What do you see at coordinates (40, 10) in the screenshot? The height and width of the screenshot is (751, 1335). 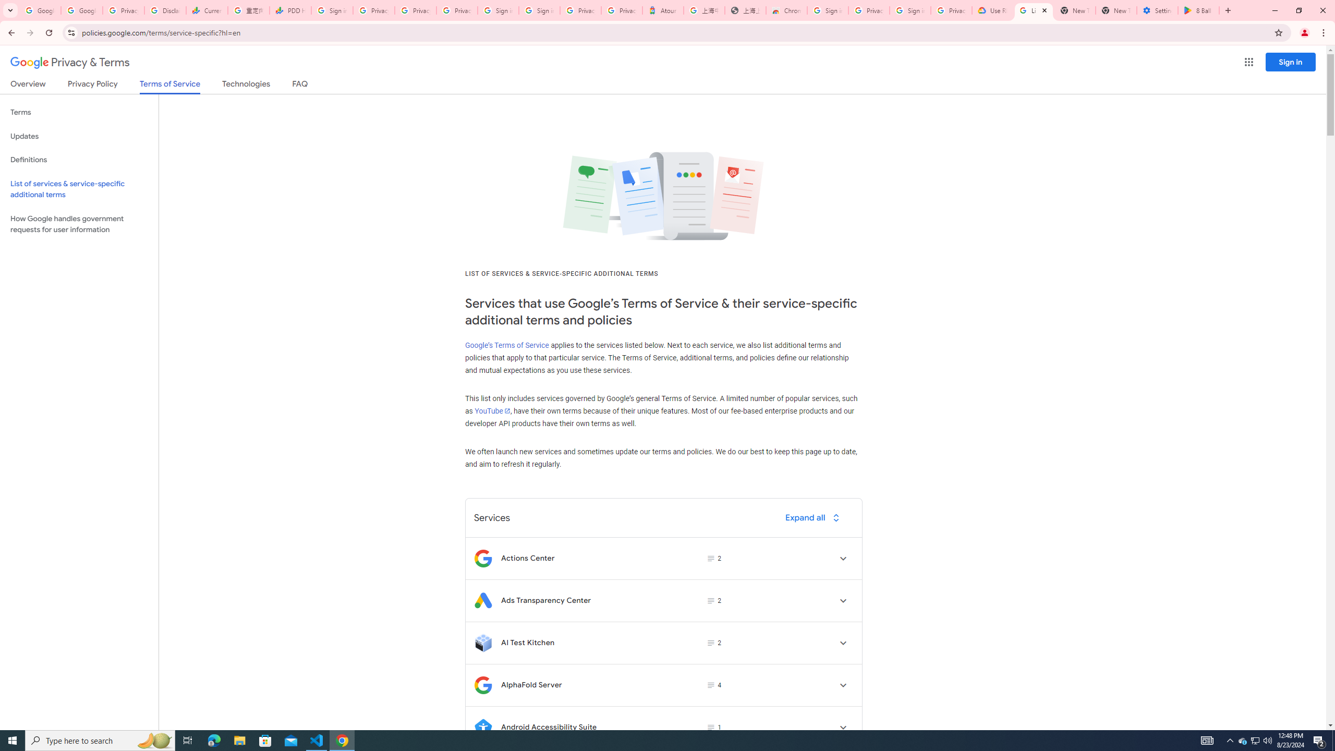 I see `'Google Workspace Admin Community'` at bounding box center [40, 10].